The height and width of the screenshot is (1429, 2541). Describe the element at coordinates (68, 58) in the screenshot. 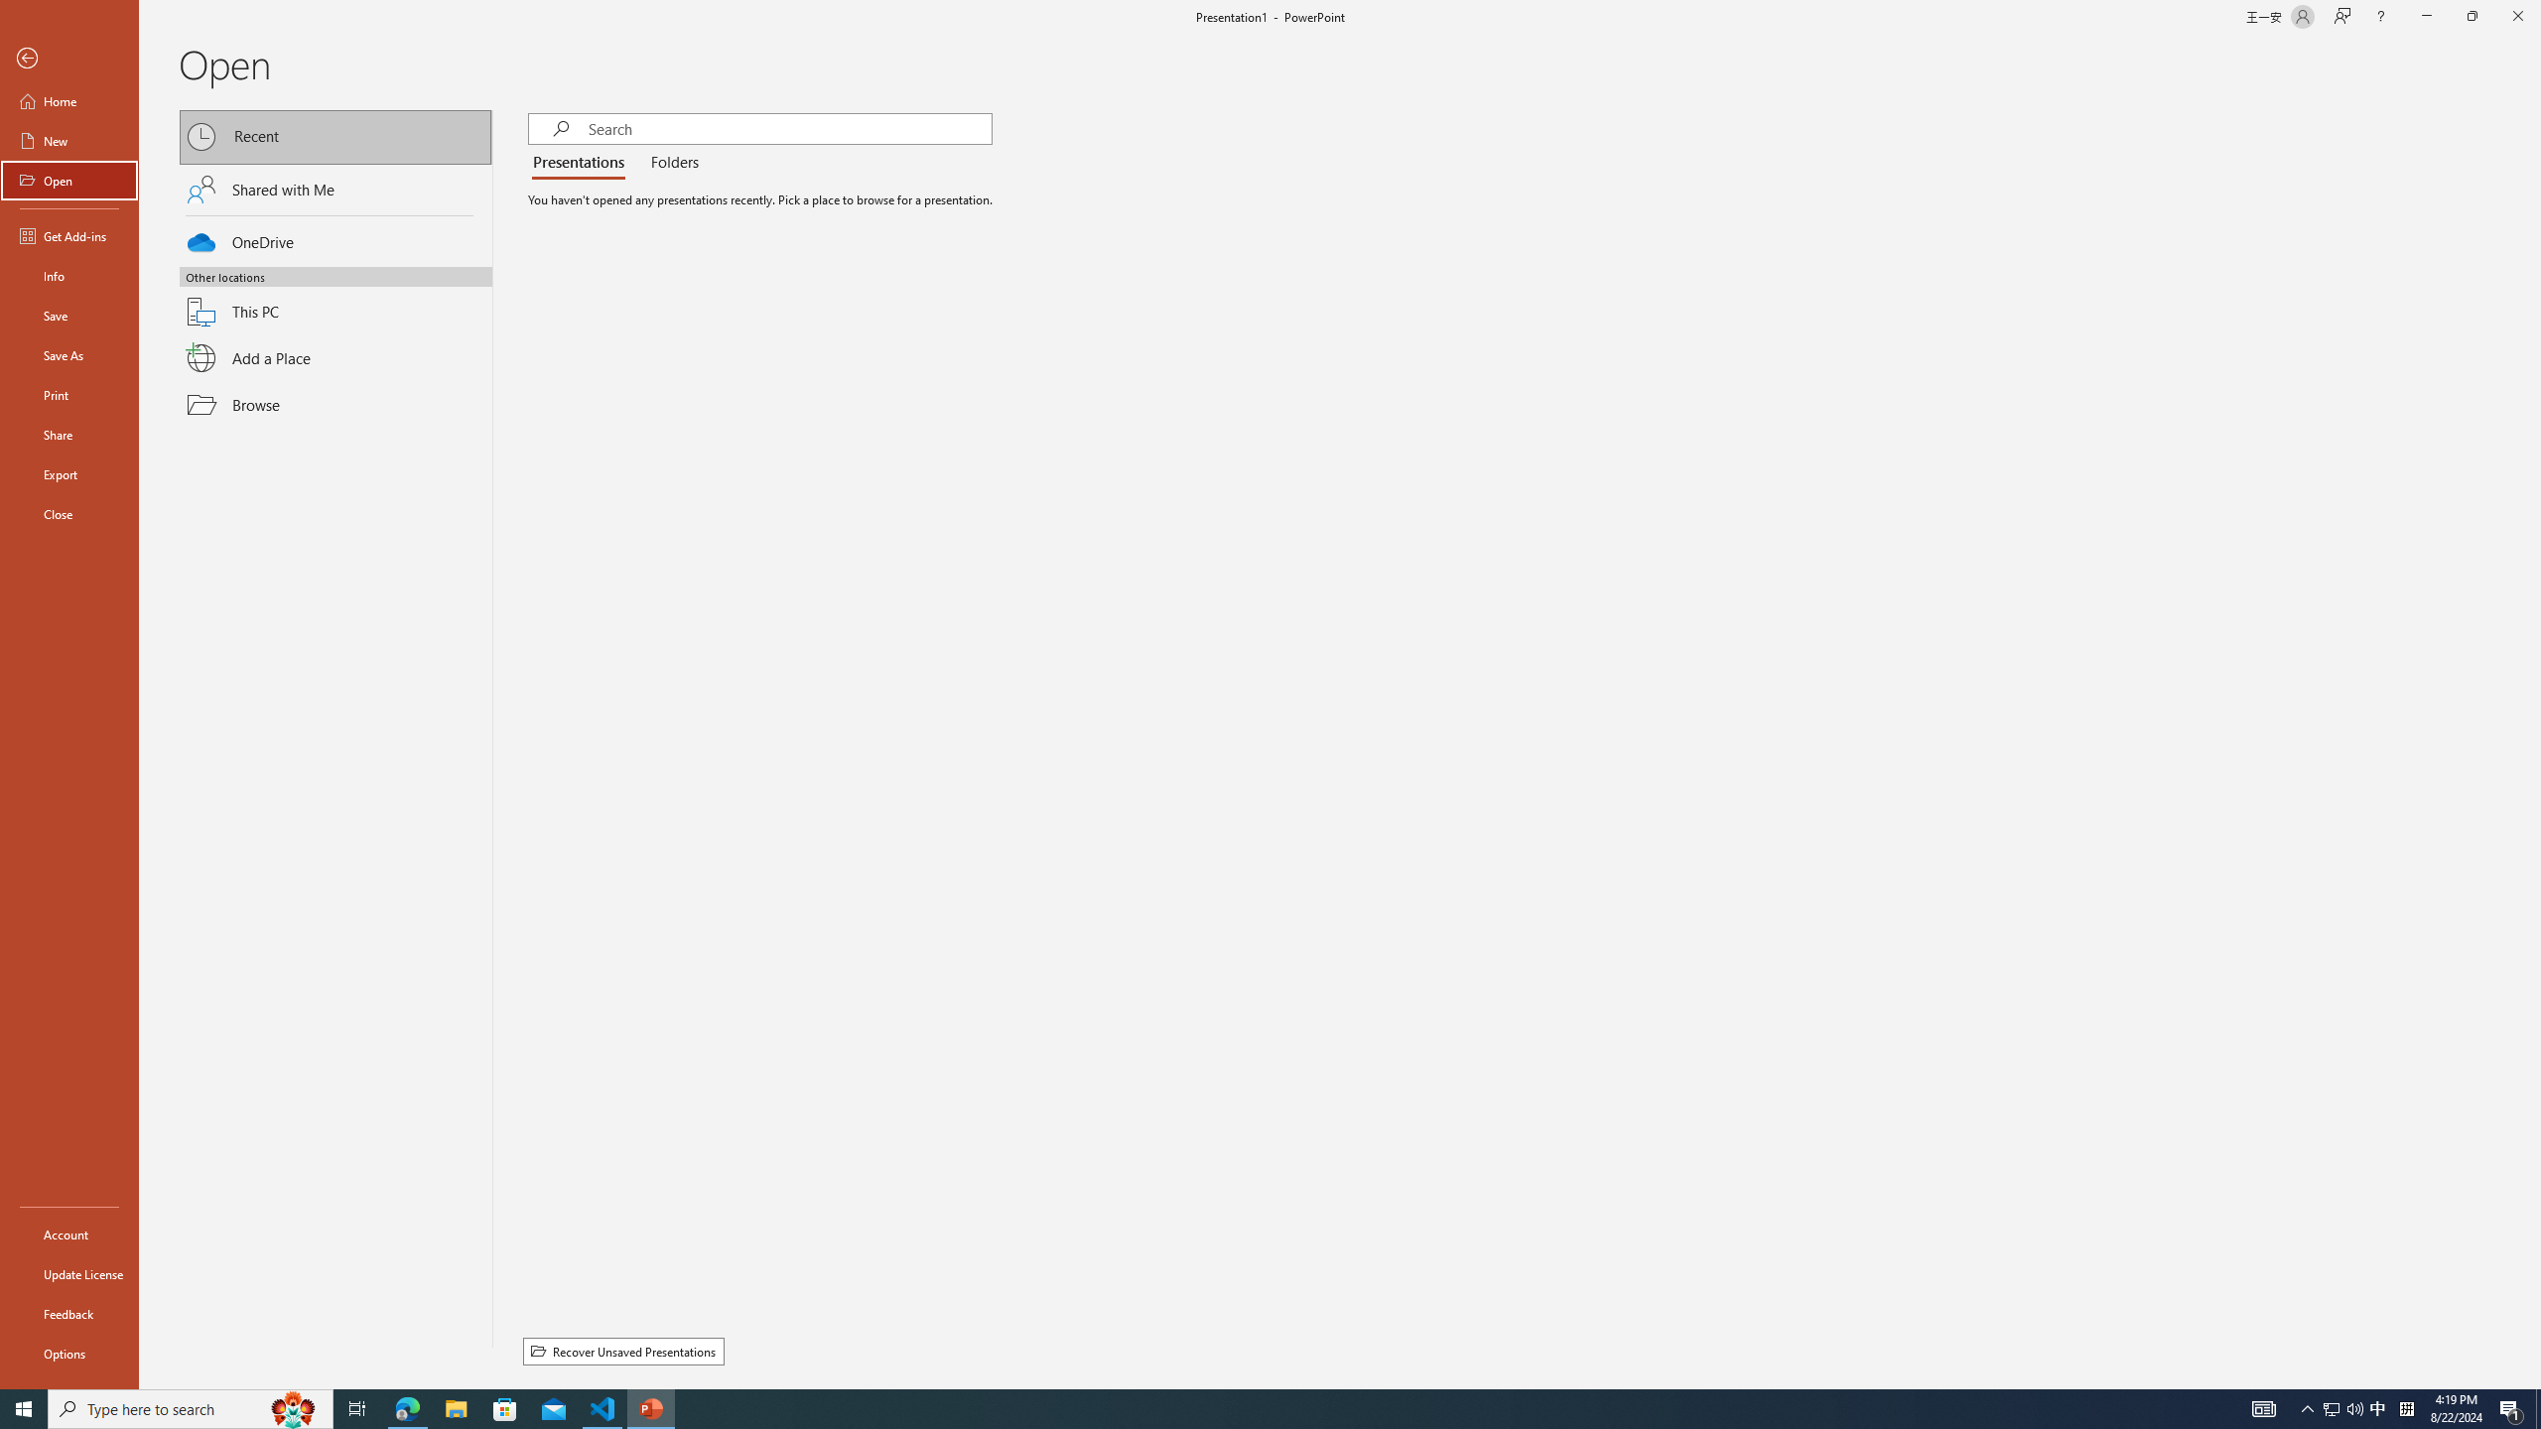

I see `'Back'` at that location.